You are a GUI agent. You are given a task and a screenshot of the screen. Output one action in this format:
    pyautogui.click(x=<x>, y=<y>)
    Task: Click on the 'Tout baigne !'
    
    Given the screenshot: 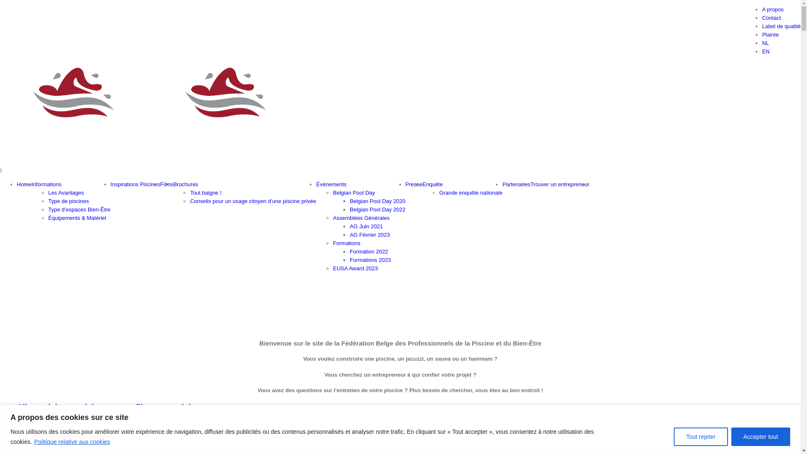 What is the action you would take?
    pyautogui.click(x=206, y=193)
    